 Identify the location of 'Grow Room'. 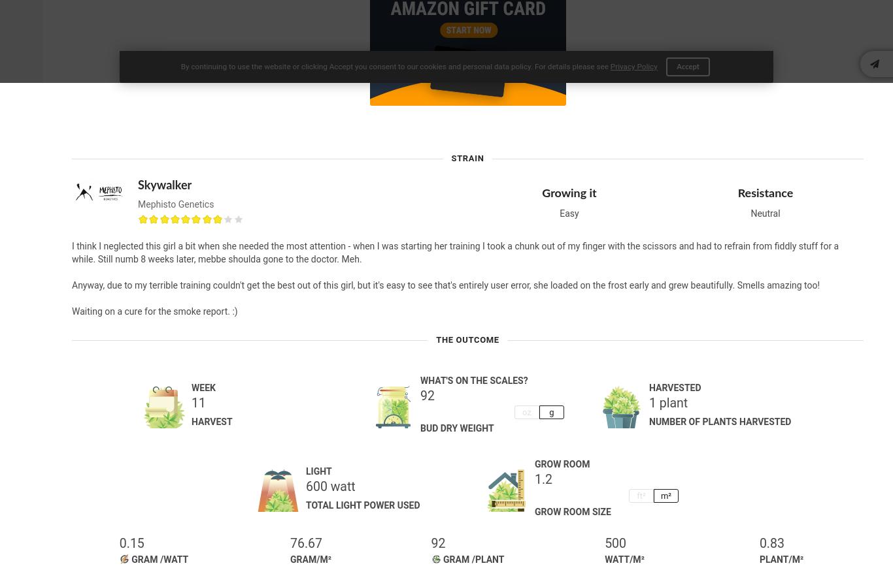
(562, 463).